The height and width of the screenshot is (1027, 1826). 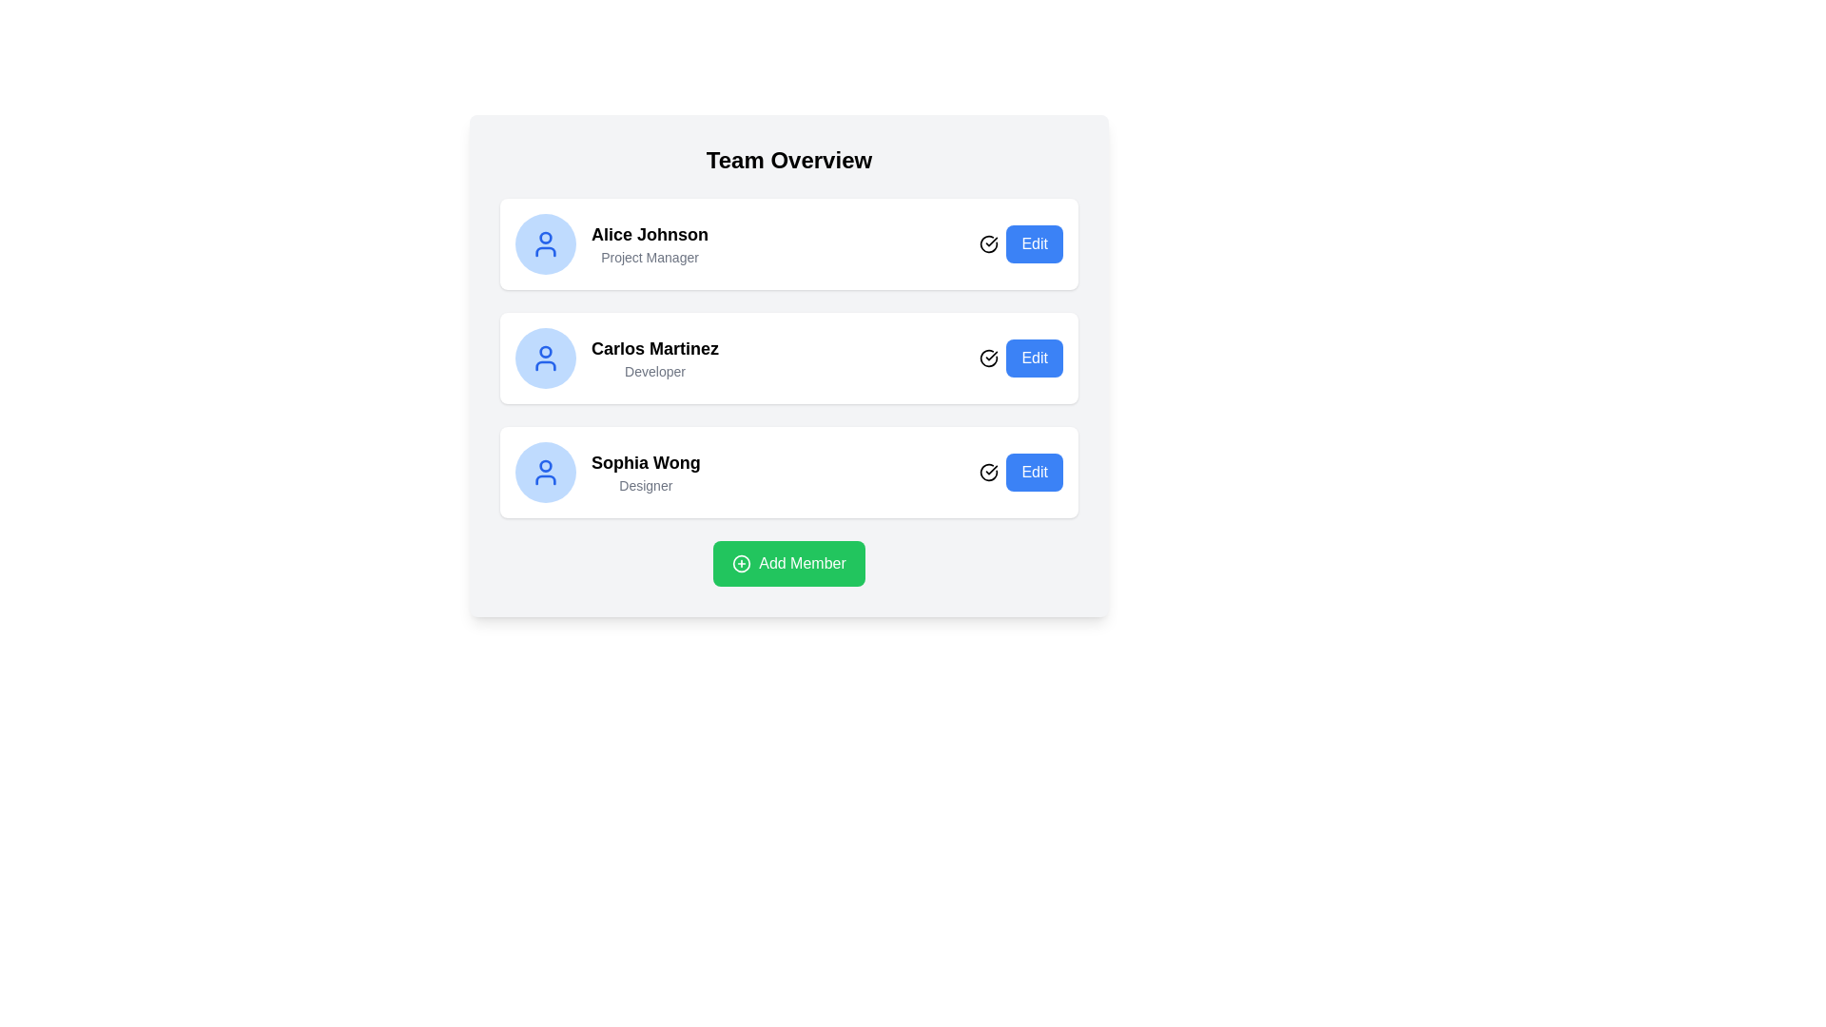 What do you see at coordinates (646, 484) in the screenshot?
I see `Label element containing the text 'Designer', which is styled in a small gray font and positioned below 'Sophia Wong'` at bounding box center [646, 484].